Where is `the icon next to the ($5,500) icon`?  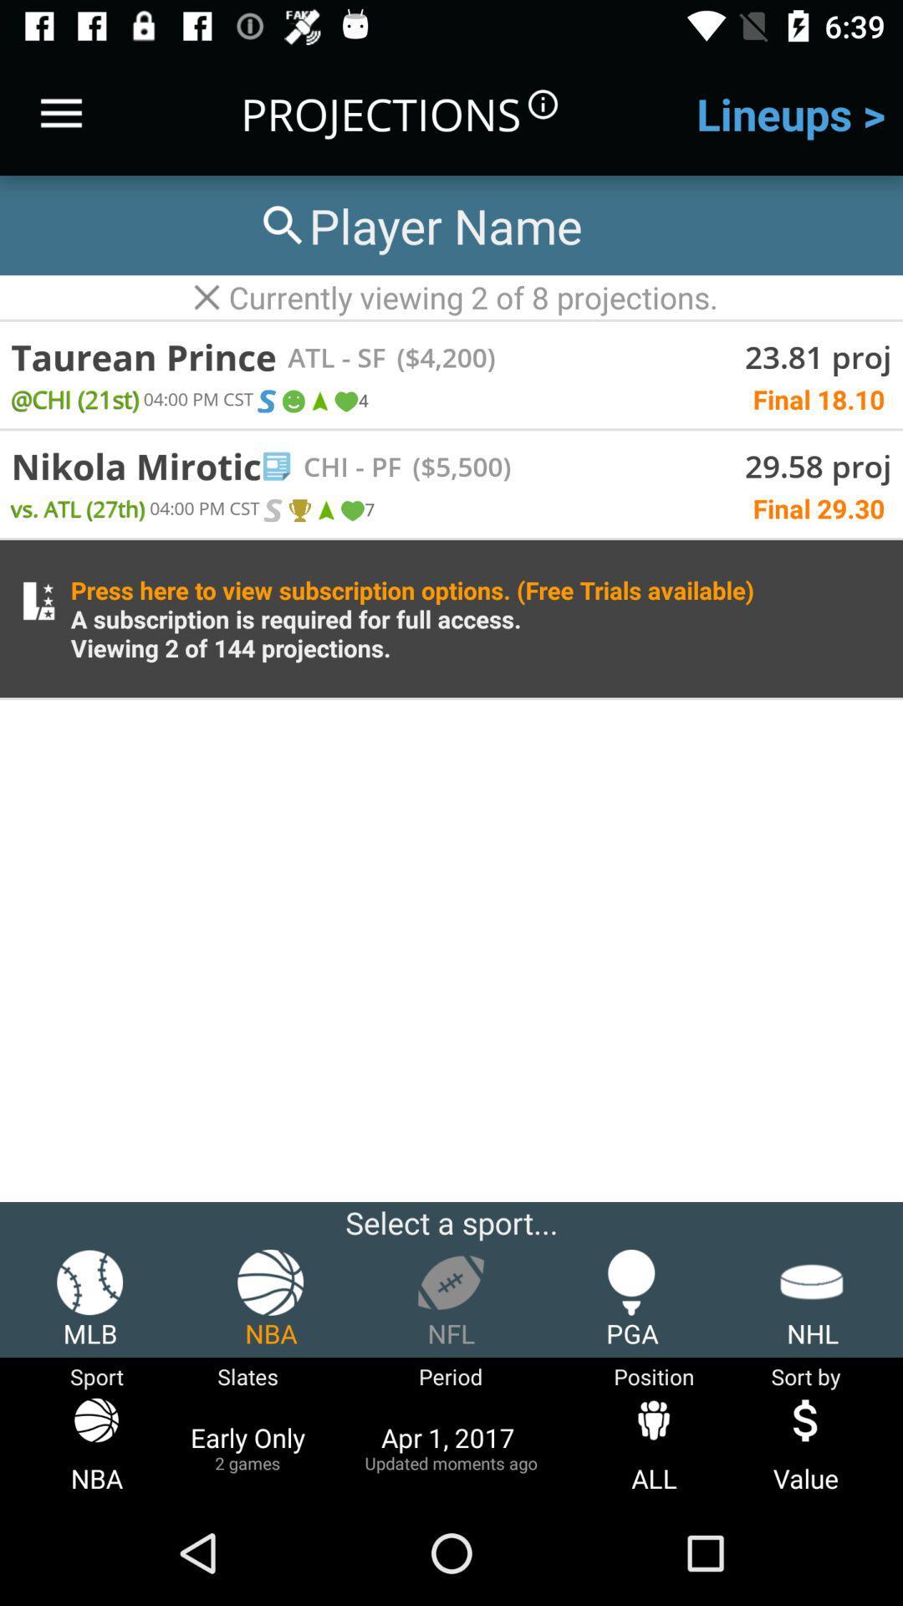 the icon next to the ($5,500) icon is located at coordinates (374, 466).